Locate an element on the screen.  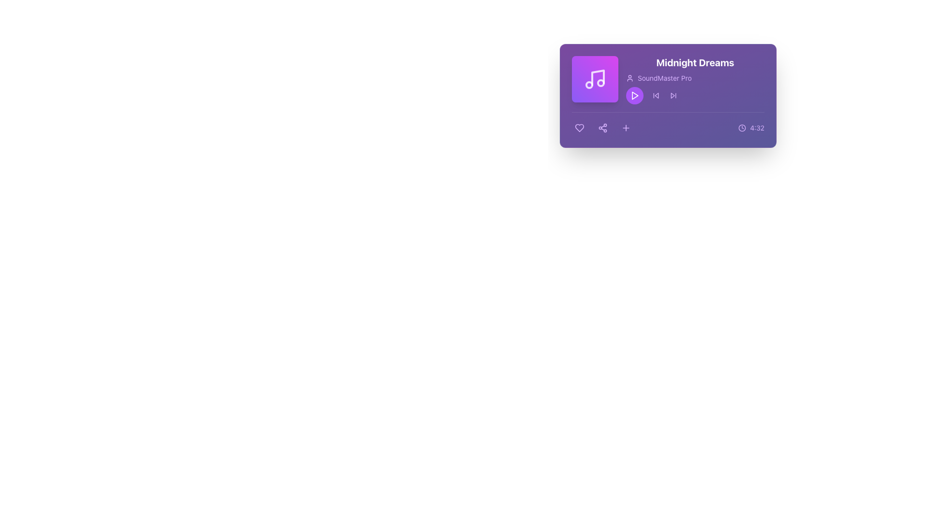
the song title in the multimedia component card is located at coordinates (668, 95).